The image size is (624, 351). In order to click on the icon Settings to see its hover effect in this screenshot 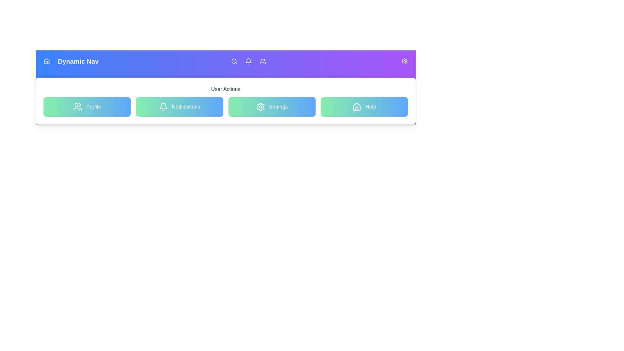, I will do `click(404, 61)`.